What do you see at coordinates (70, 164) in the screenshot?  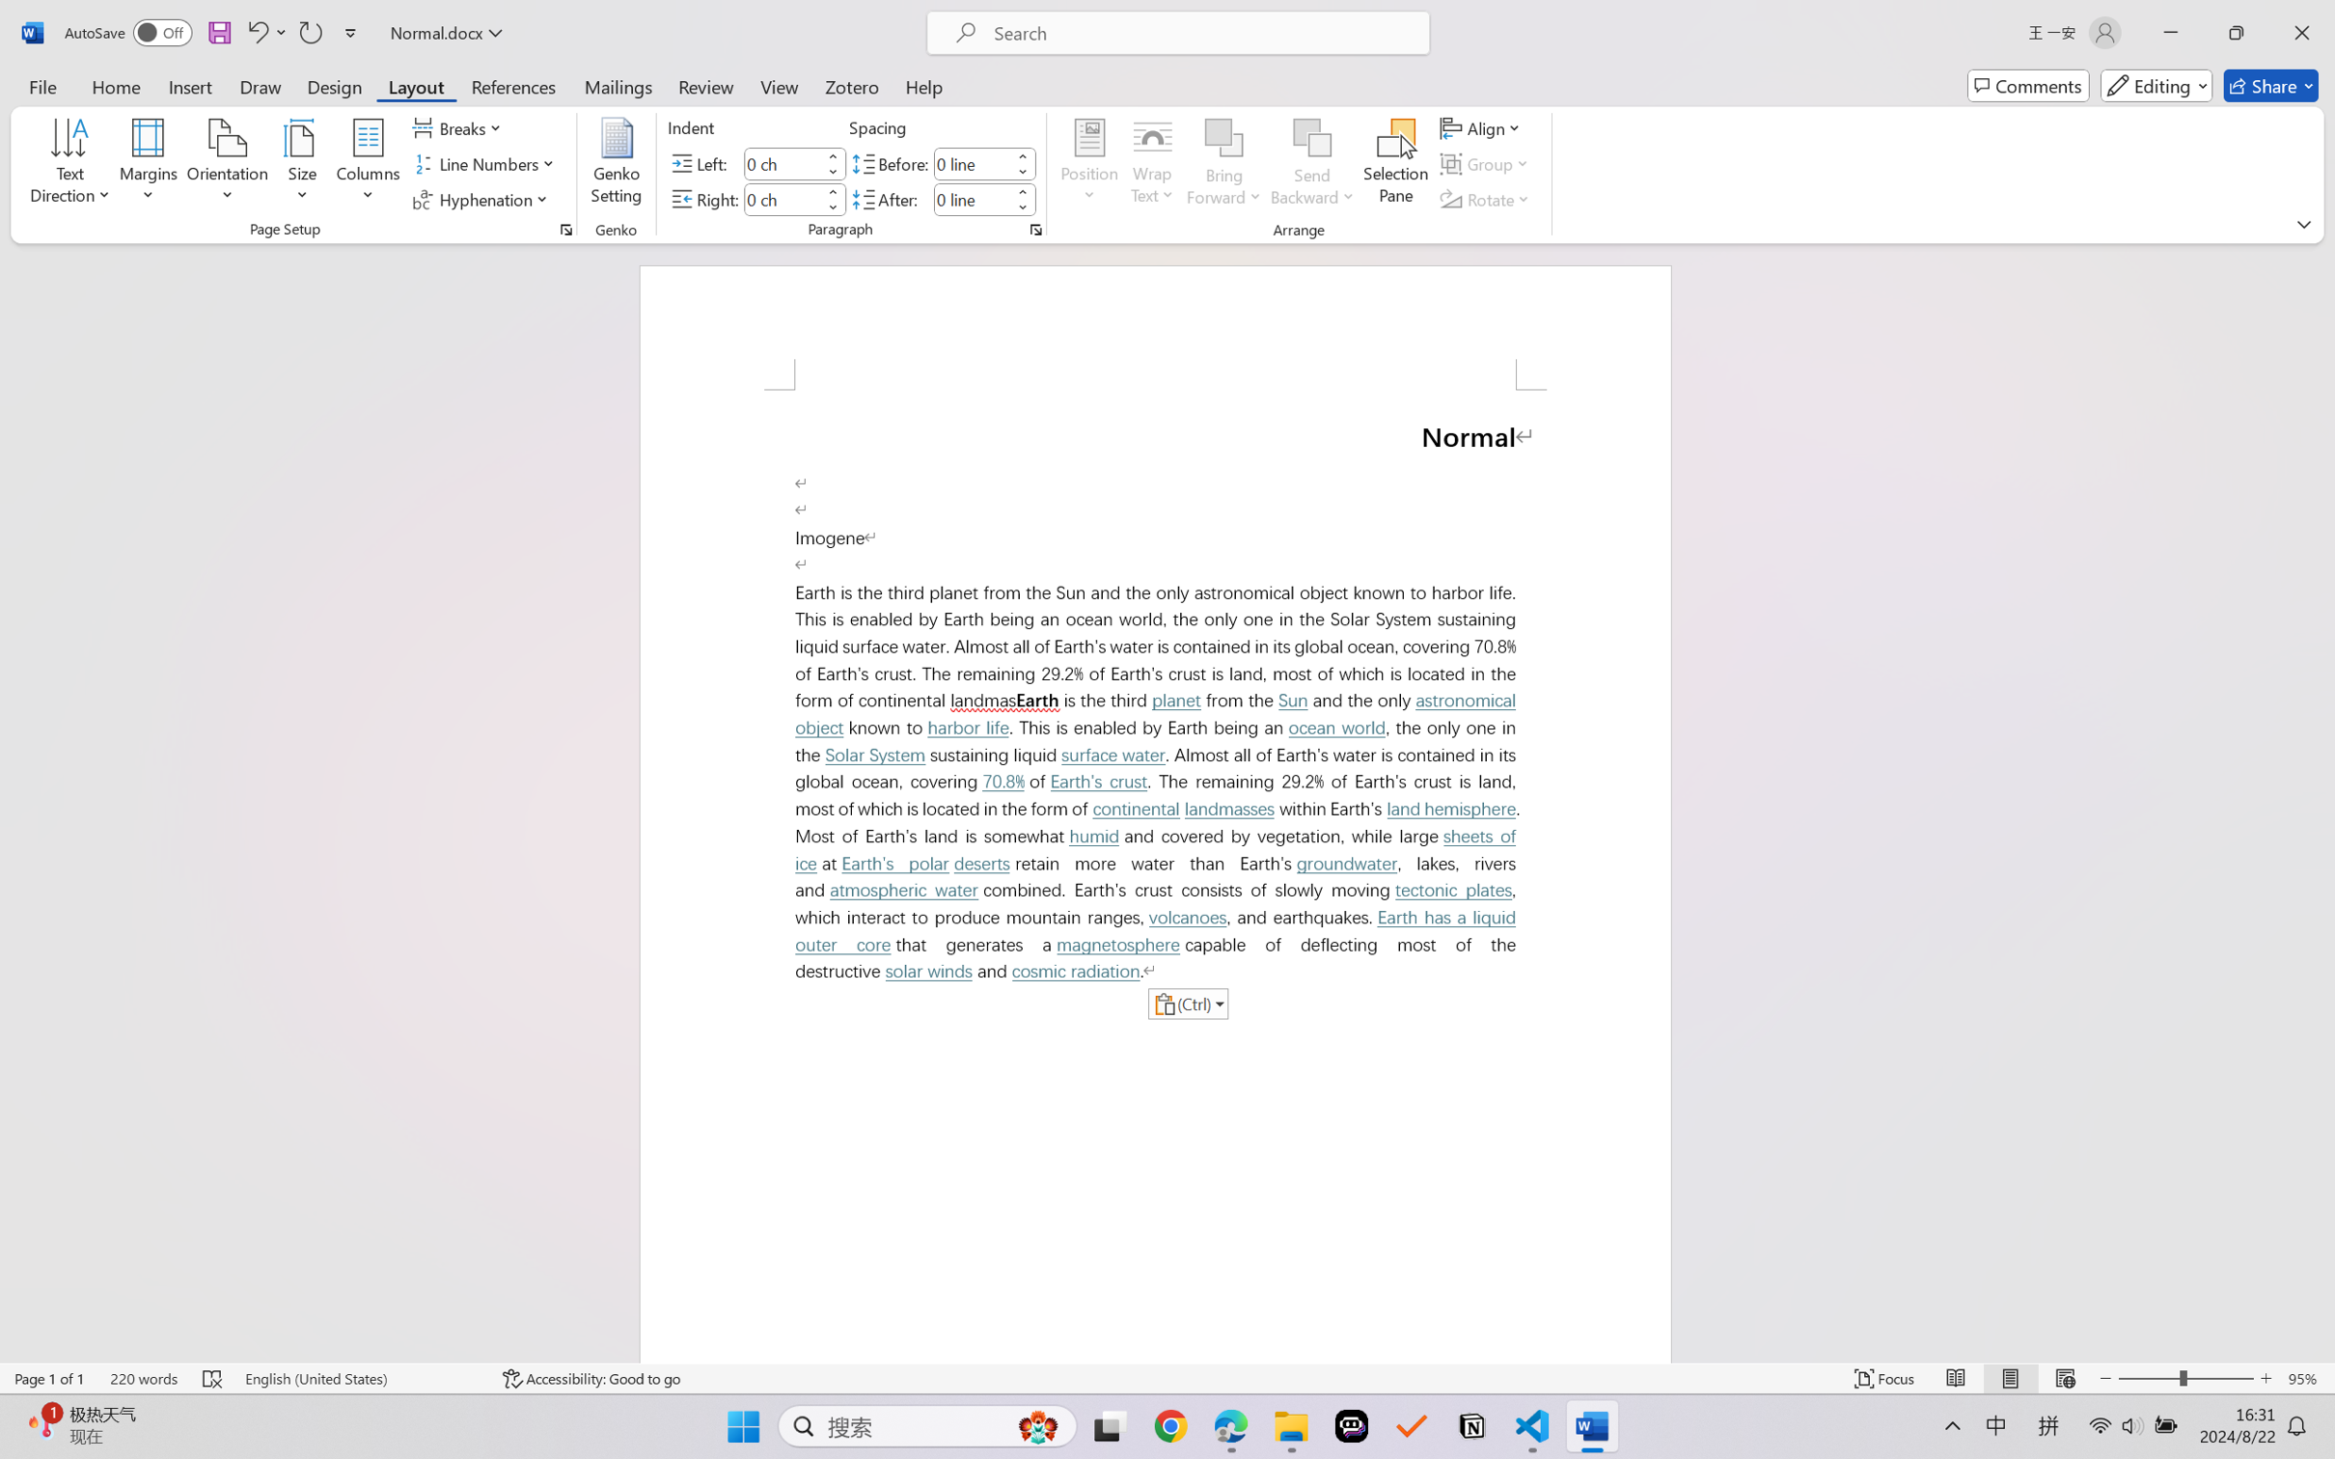 I see `'Text Direction'` at bounding box center [70, 164].